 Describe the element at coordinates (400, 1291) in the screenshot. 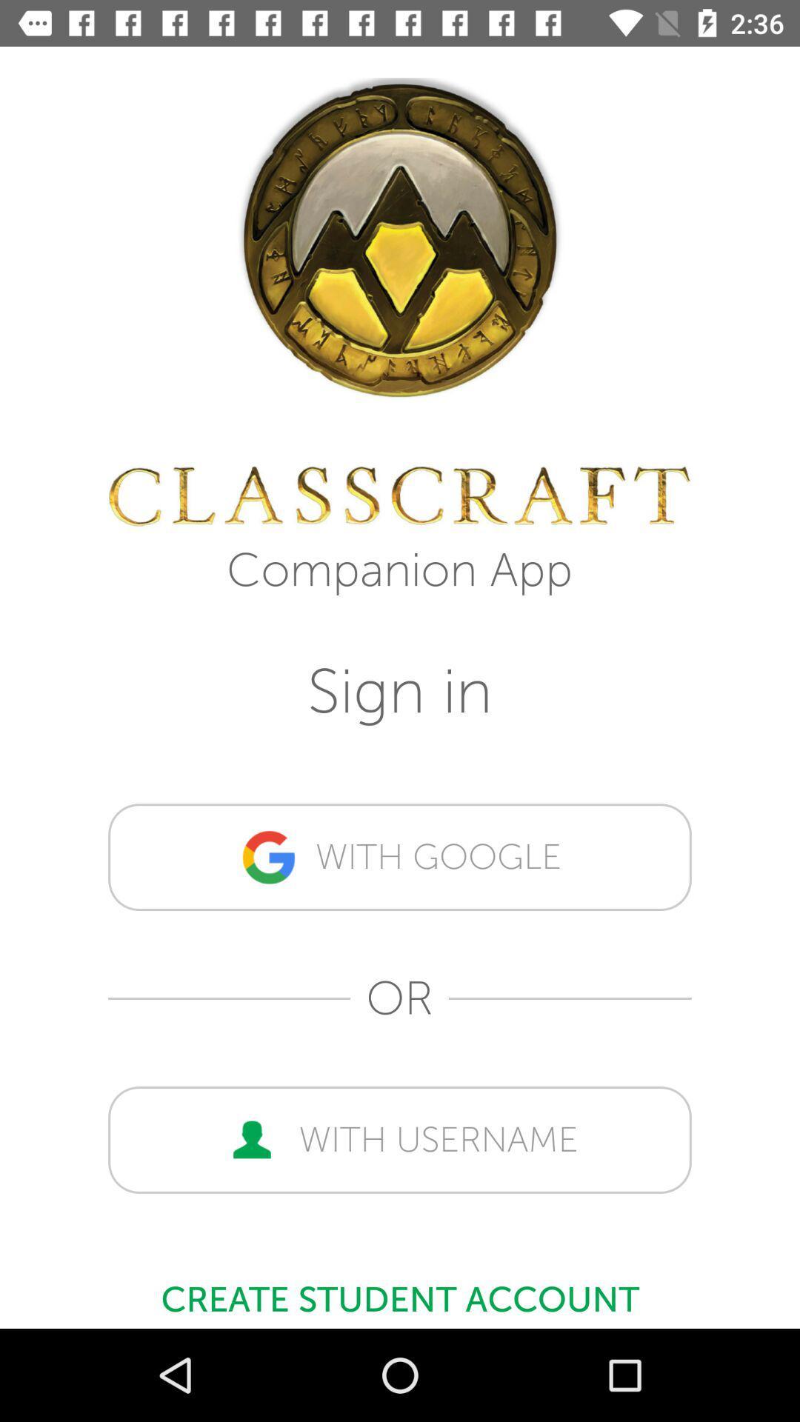

I see `icon below with username icon` at that location.